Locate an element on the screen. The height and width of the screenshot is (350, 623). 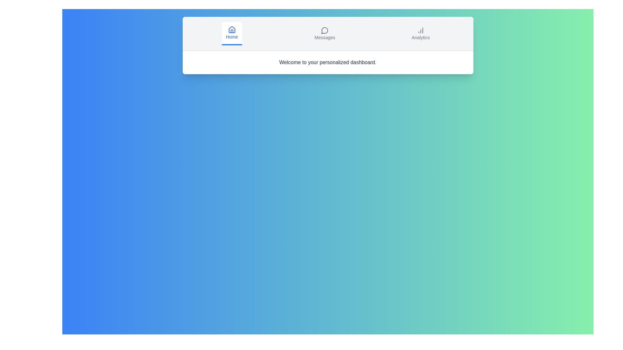
the Analytics tab to switch to it is located at coordinates (421, 34).